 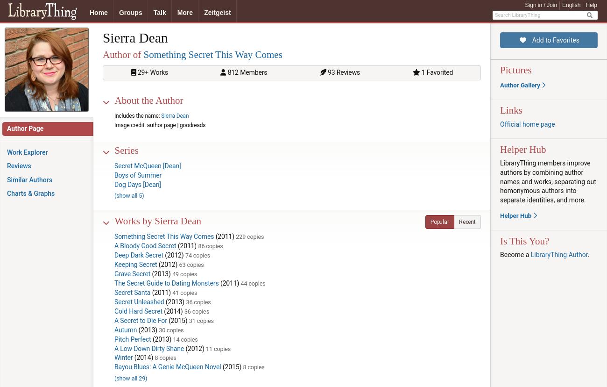 I want to click on 'Keeping Secret', so click(x=114, y=264).